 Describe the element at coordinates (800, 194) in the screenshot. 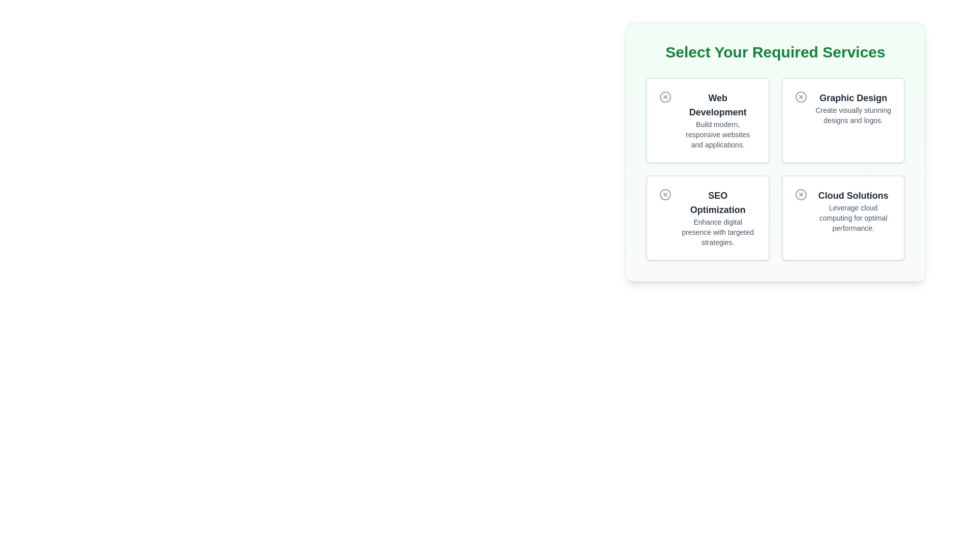

I see `the circular visual icon component associated with the 'Cloud Solutions' service card located at the bottom-right of the service selection grid` at that location.